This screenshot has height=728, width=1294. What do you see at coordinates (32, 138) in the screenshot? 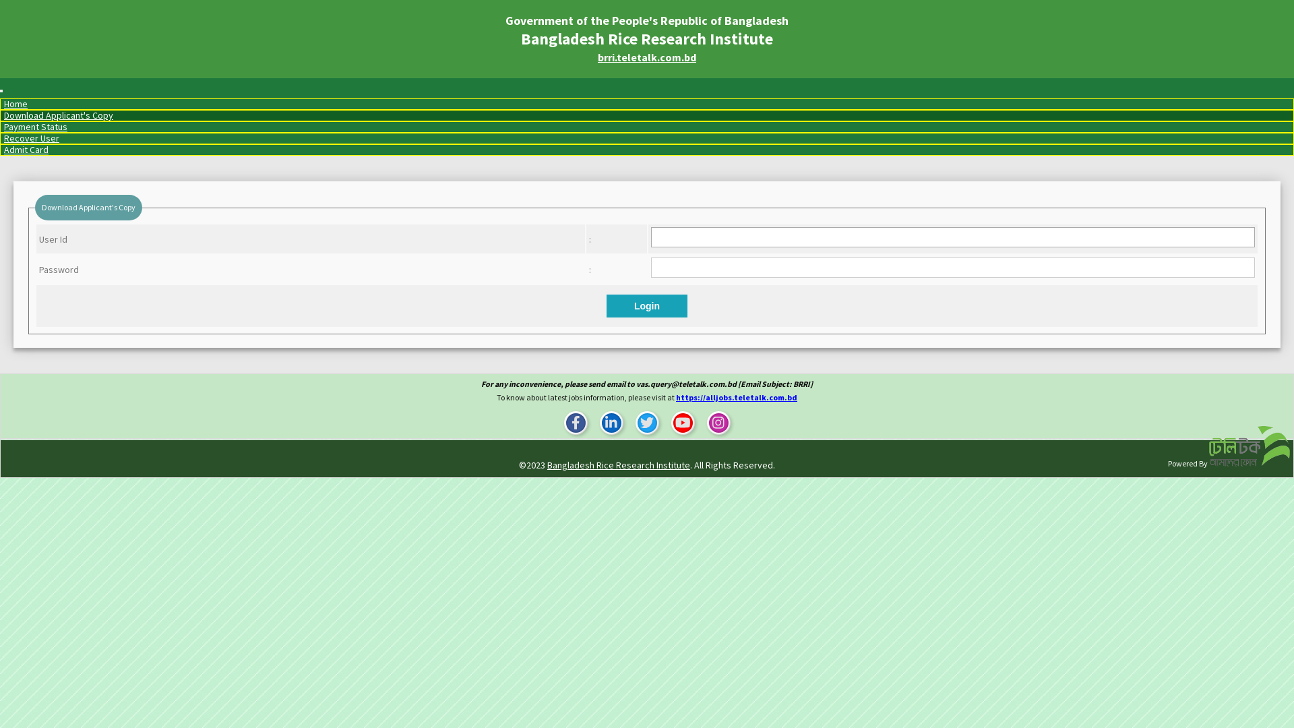
I see `'Recover User'` at bounding box center [32, 138].